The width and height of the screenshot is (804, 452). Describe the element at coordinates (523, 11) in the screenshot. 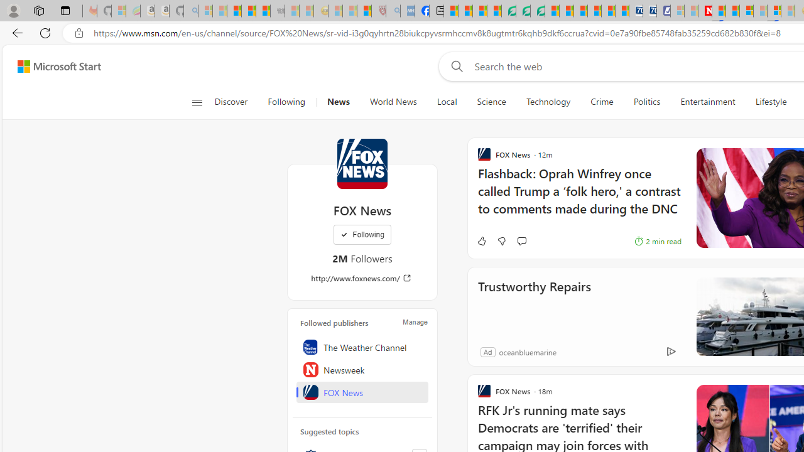

I see `'Terms of Use Agreement'` at that location.